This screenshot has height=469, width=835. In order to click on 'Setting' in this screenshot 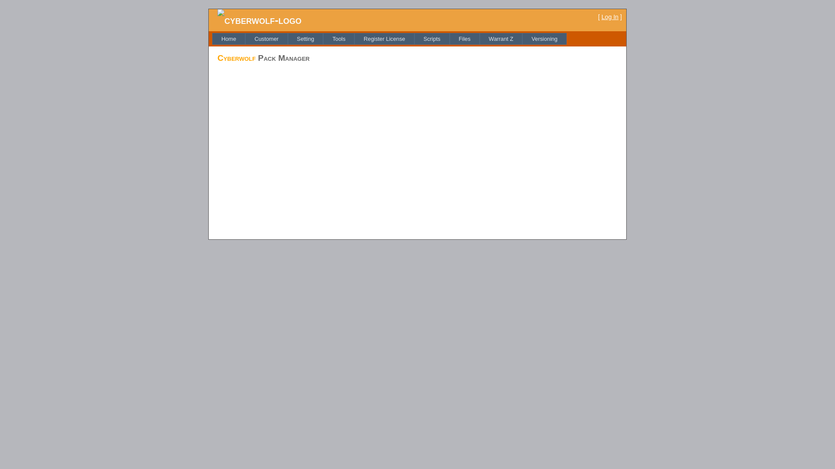, I will do `click(305, 38)`.